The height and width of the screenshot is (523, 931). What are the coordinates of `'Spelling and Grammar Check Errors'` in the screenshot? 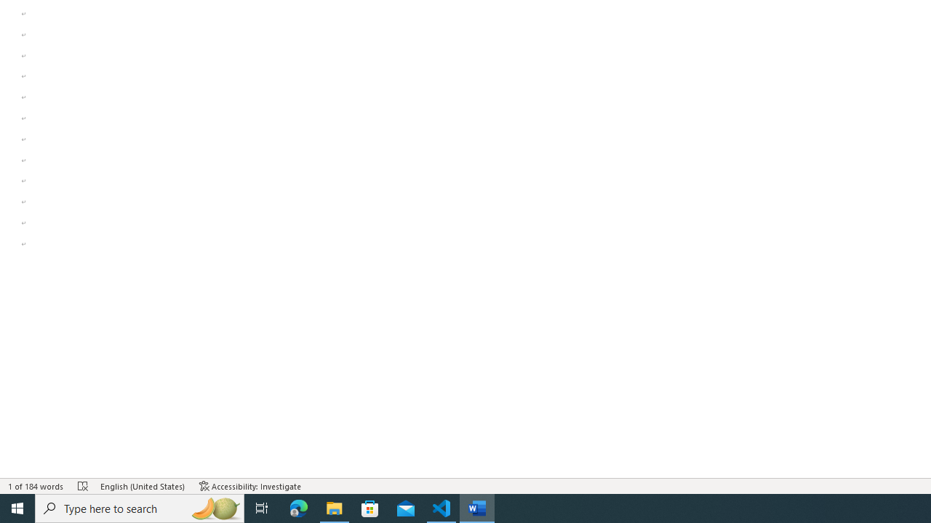 It's located at (82, 486).